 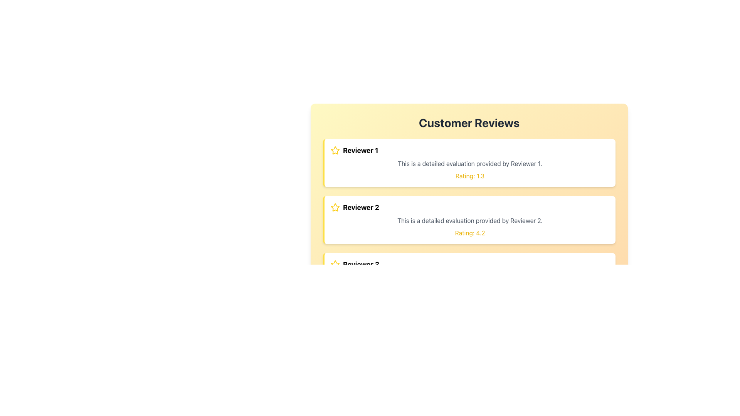 What do you see at coordinates (469, 221) in the screenshot?
I see `the text element displaying 'This is a detailed evaluation provided by Reviewer 2.' located in the second review card, which is styled with a light gray font color` at bounding box center [469, 221].